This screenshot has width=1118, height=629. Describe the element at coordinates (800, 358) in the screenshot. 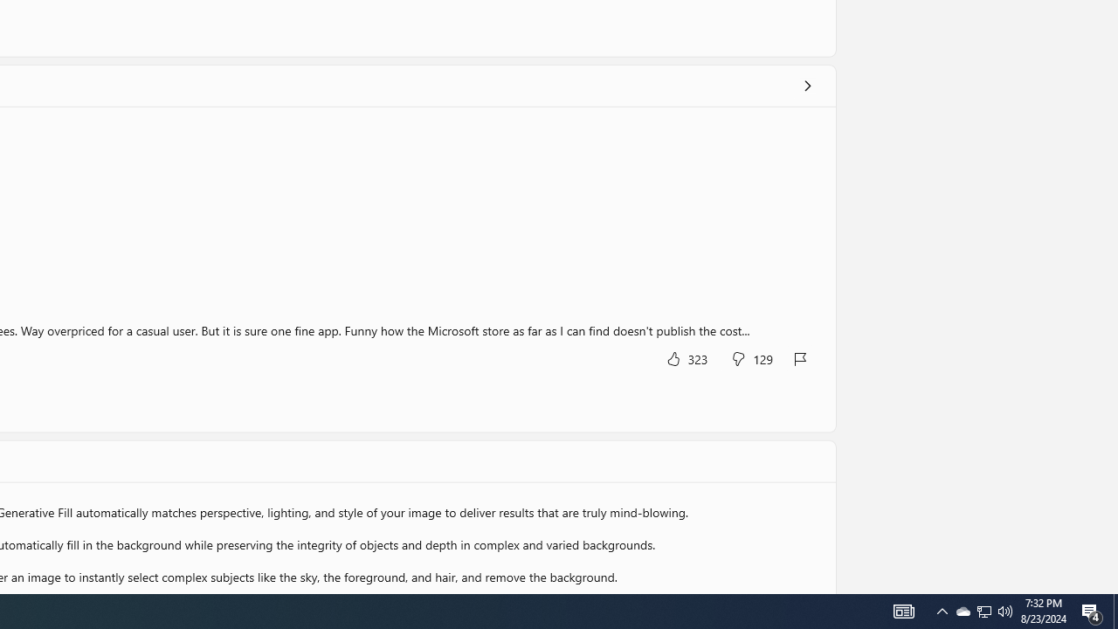

I see `'Report review'` at that location.